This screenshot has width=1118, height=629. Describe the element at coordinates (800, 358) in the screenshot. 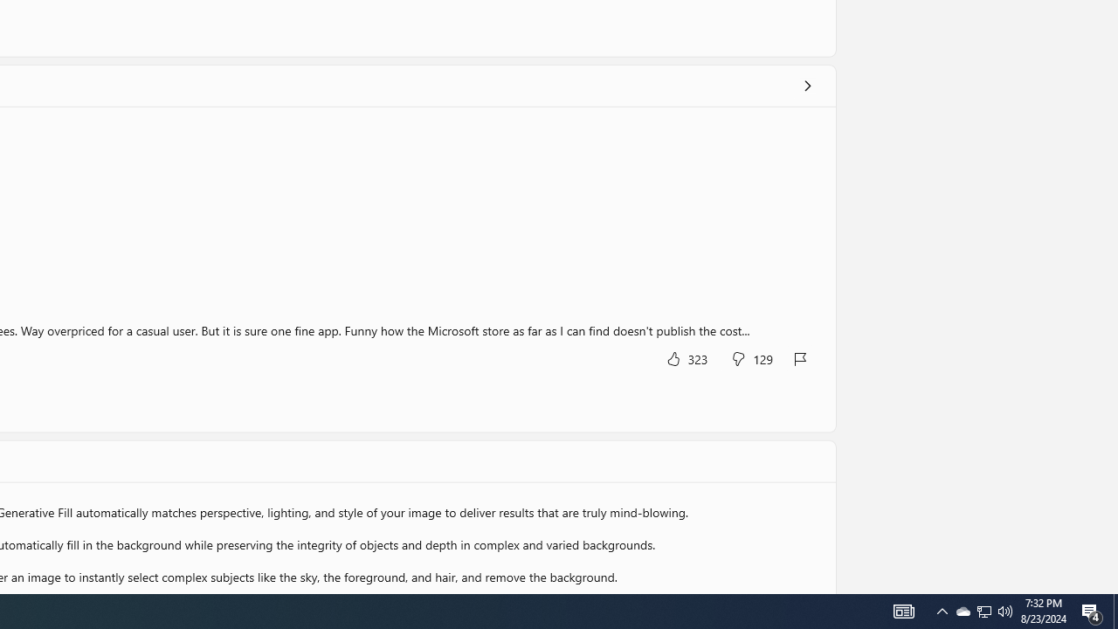

I see `'Report review'` at that location.